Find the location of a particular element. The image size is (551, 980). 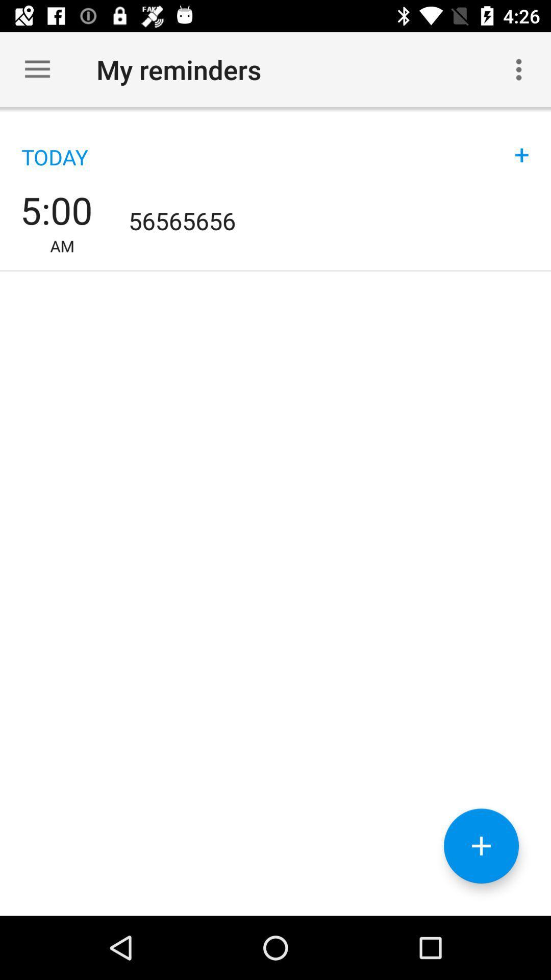

icon at the bottom right corner is located at coordinates (481, 846).